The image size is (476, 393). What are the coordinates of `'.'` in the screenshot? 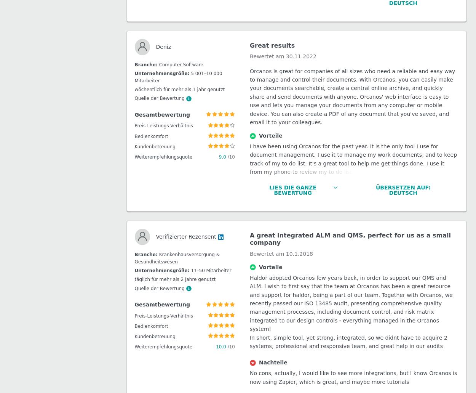 It's located at (332, 274).